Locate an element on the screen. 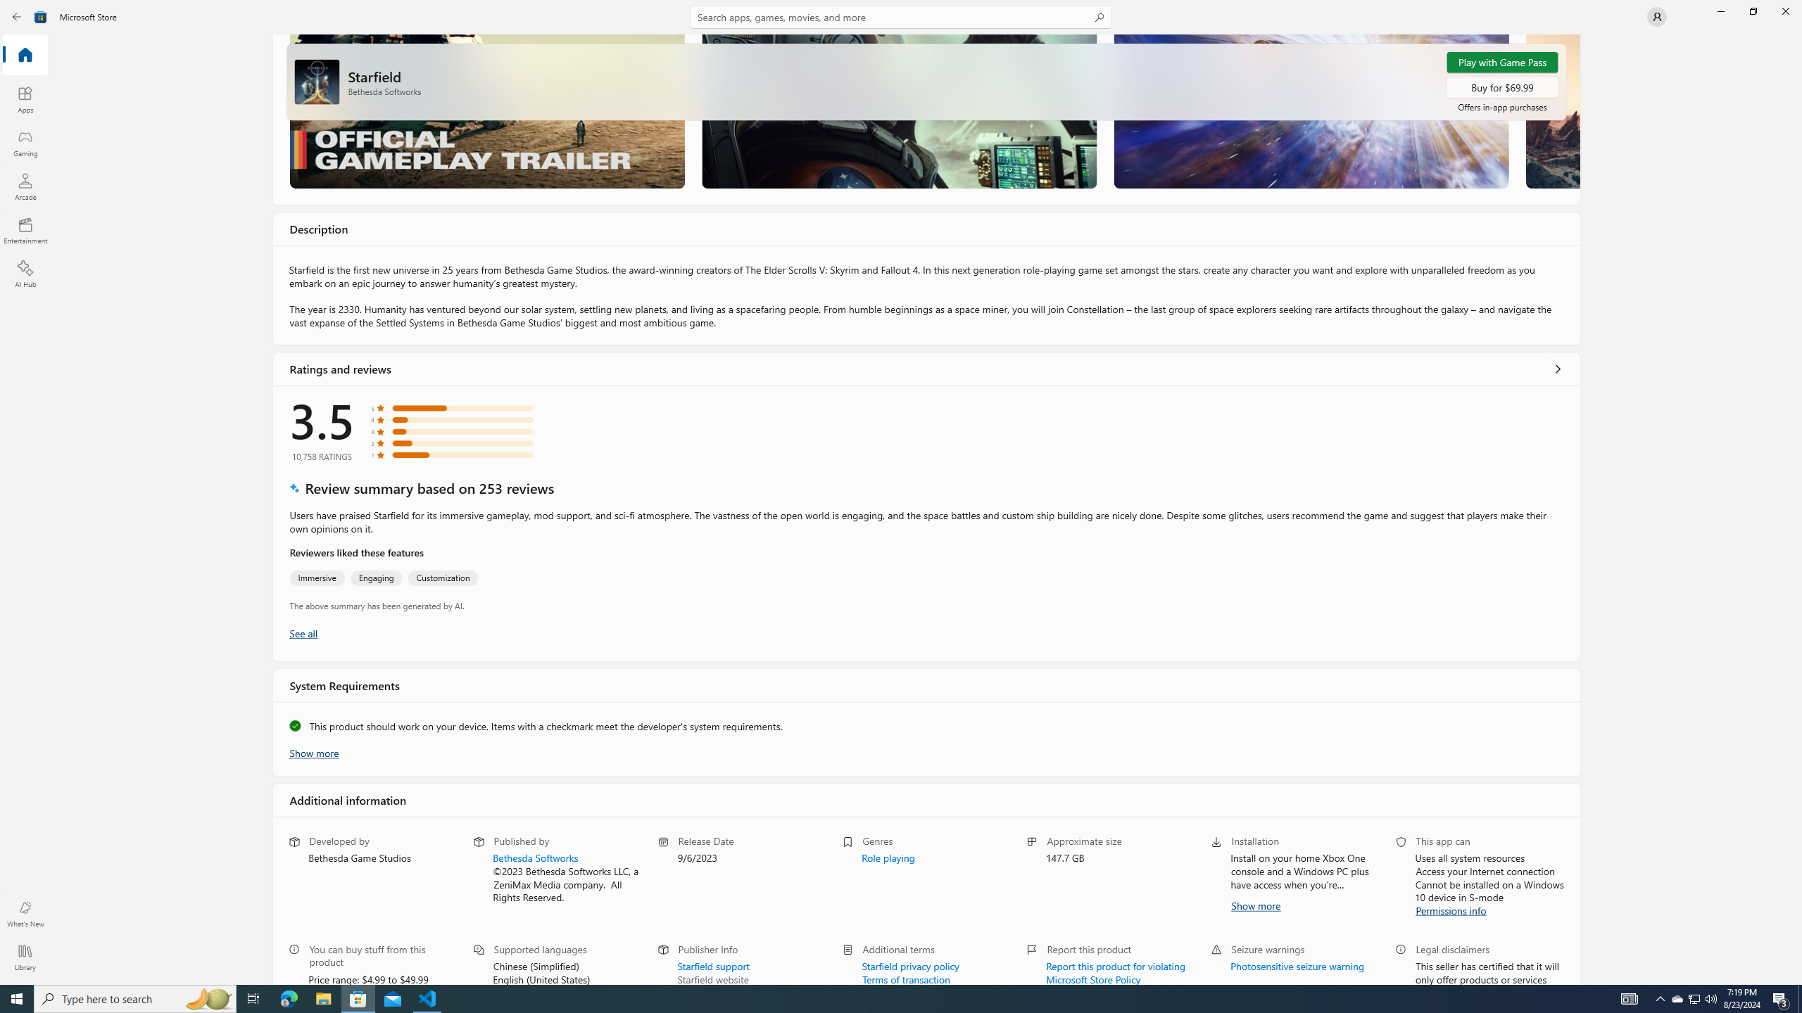 The image size is (1802, 1013). 'Terms of transaction' is located at coordinates (906, 978).